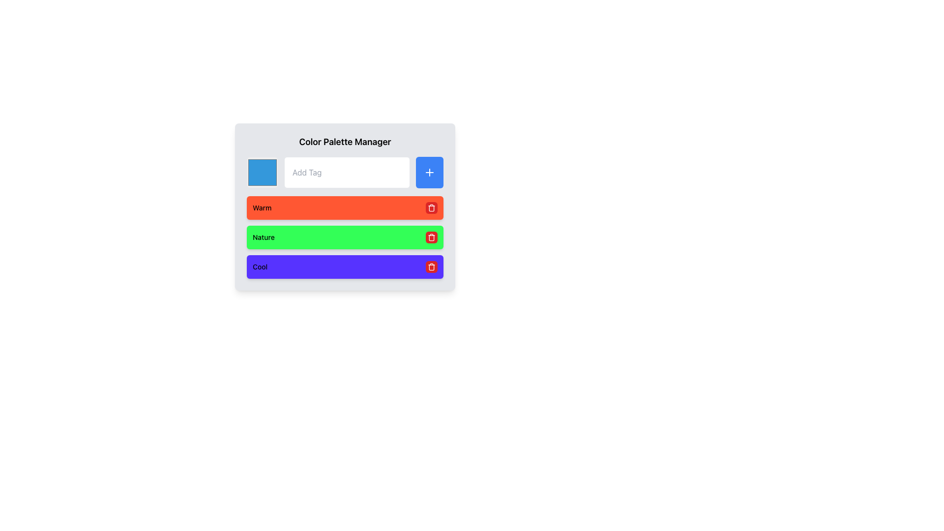 Image resolution: width=944 pixels, height=531 pixels. I want to click on the second trash bin icon from the top in the list of items within the color palette manager, so click(432, 207).